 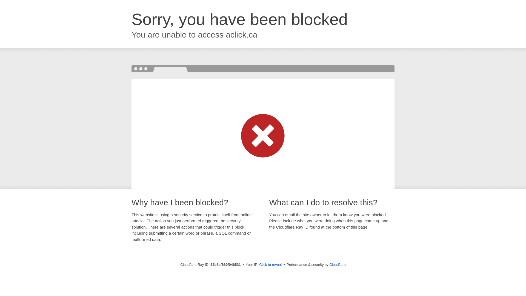 What do you see at coordinates (270, 264) in the screenshot?
I see `'Click to reveal'` at bounding box center [270, 264].